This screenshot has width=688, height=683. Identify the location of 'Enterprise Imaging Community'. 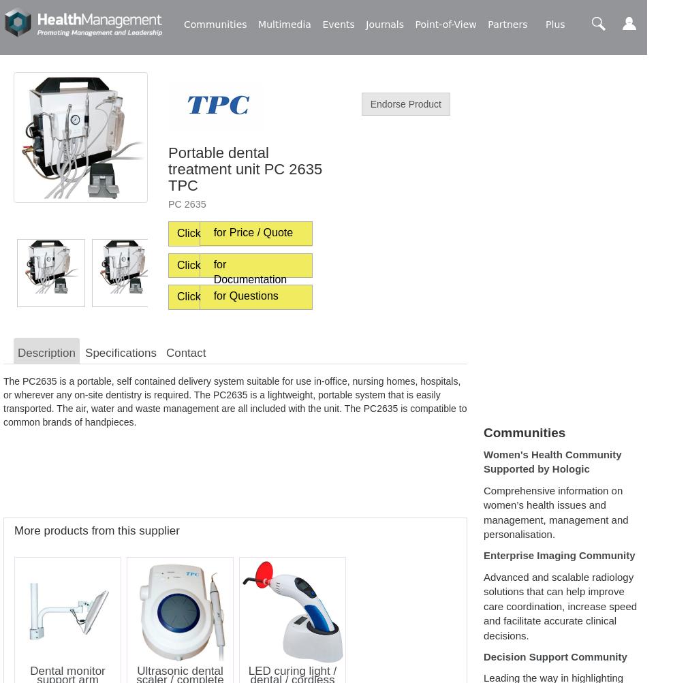
(483, 555).